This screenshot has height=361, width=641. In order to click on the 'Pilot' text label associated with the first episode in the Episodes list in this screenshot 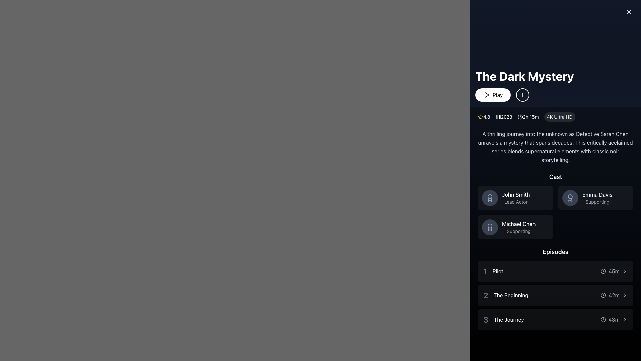, I will do `click(498, 271)`.